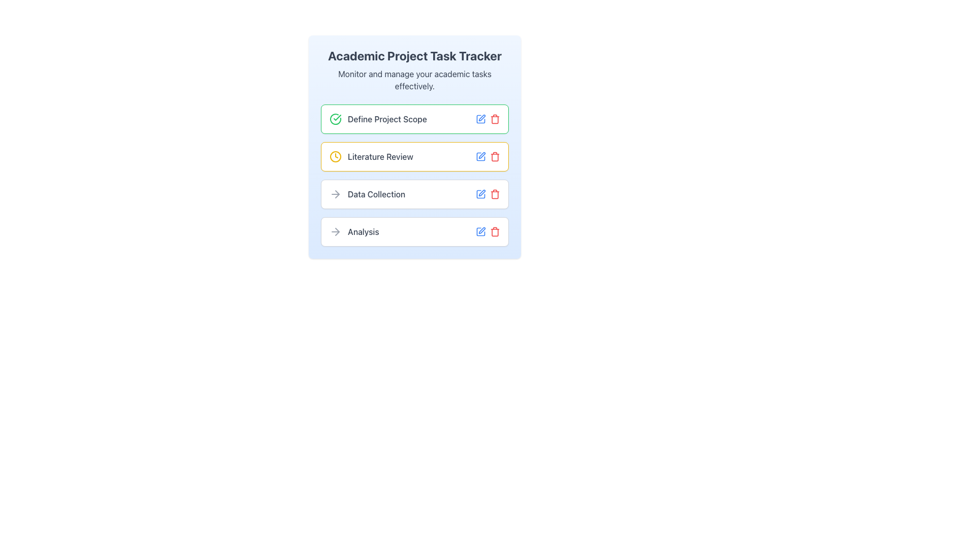 This screenshot has width=975, height=548. What do you see at coordinates (377, 119) in the screenshot?
I see `the task title label located at the top of the task list, which is associated with a green checkmark icon and is part of the first card in a vertical sequence of similar cards` at bounding box center [377, 119].